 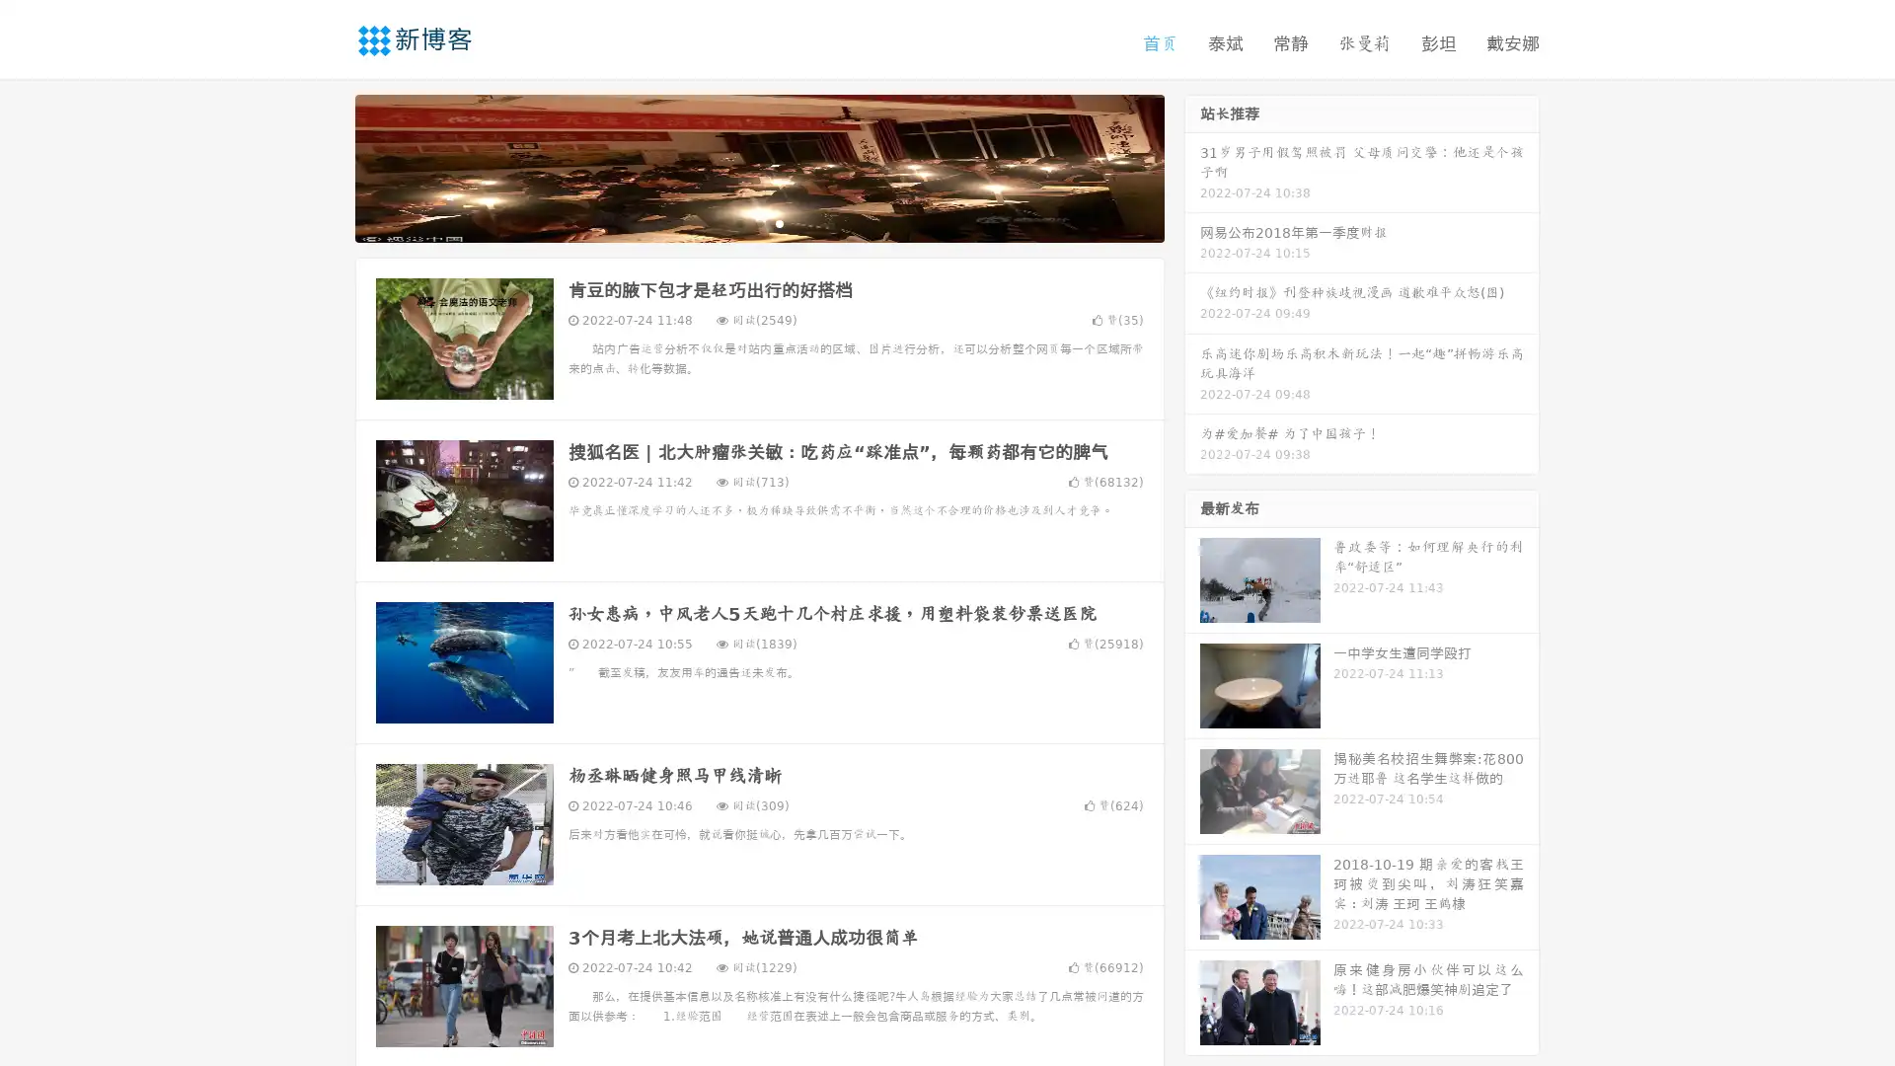 What do you see at coordinates (326, 166) in the screenshot?
I see `Previous slide` at bounding box center [326, 166].